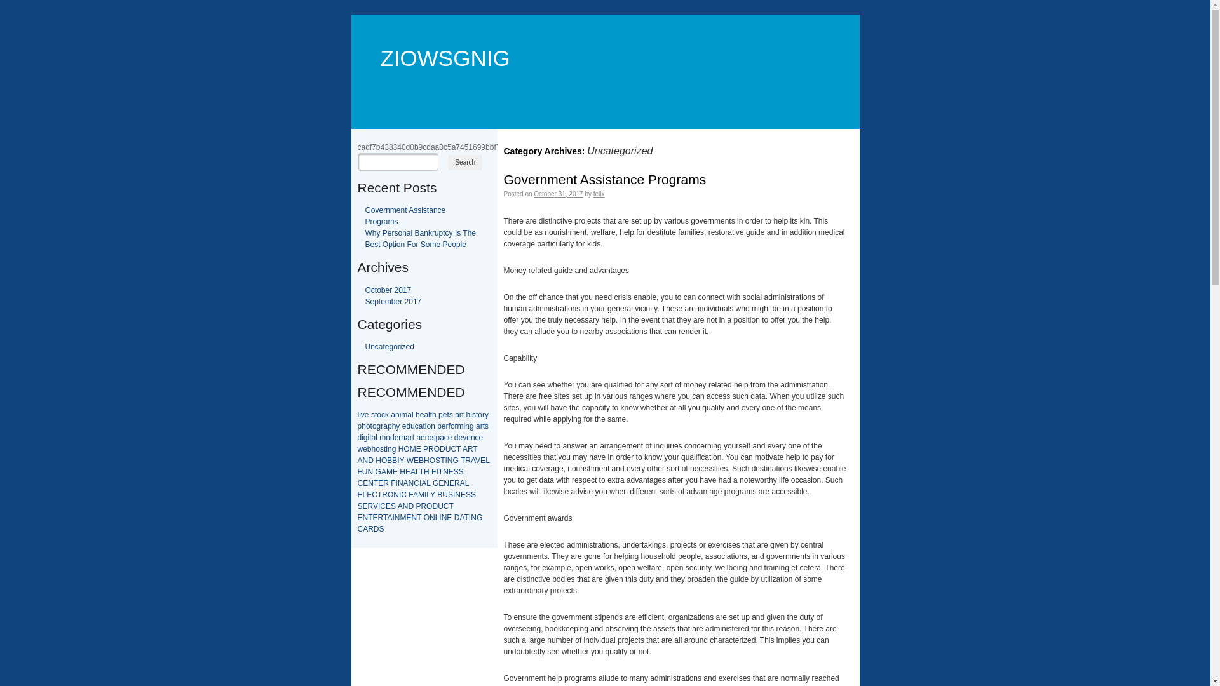 This screenshot has height=686, width=1220. I want to click on 'a', so click(392, 414).